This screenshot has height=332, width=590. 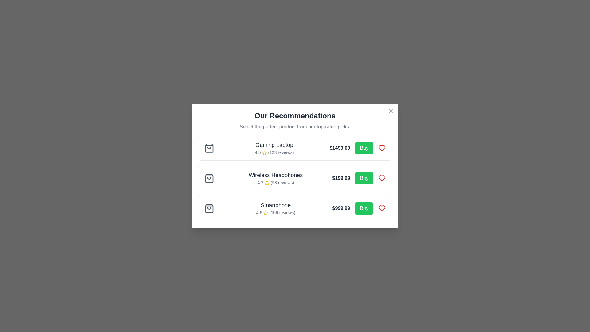 What do you see at coordinates (275, 208) in the screenshot?
I see `the Informational Display element located in the third row of the 'Our Recommendations' section, which provides product details including name and user ratings` at bounding box center [275, 208].